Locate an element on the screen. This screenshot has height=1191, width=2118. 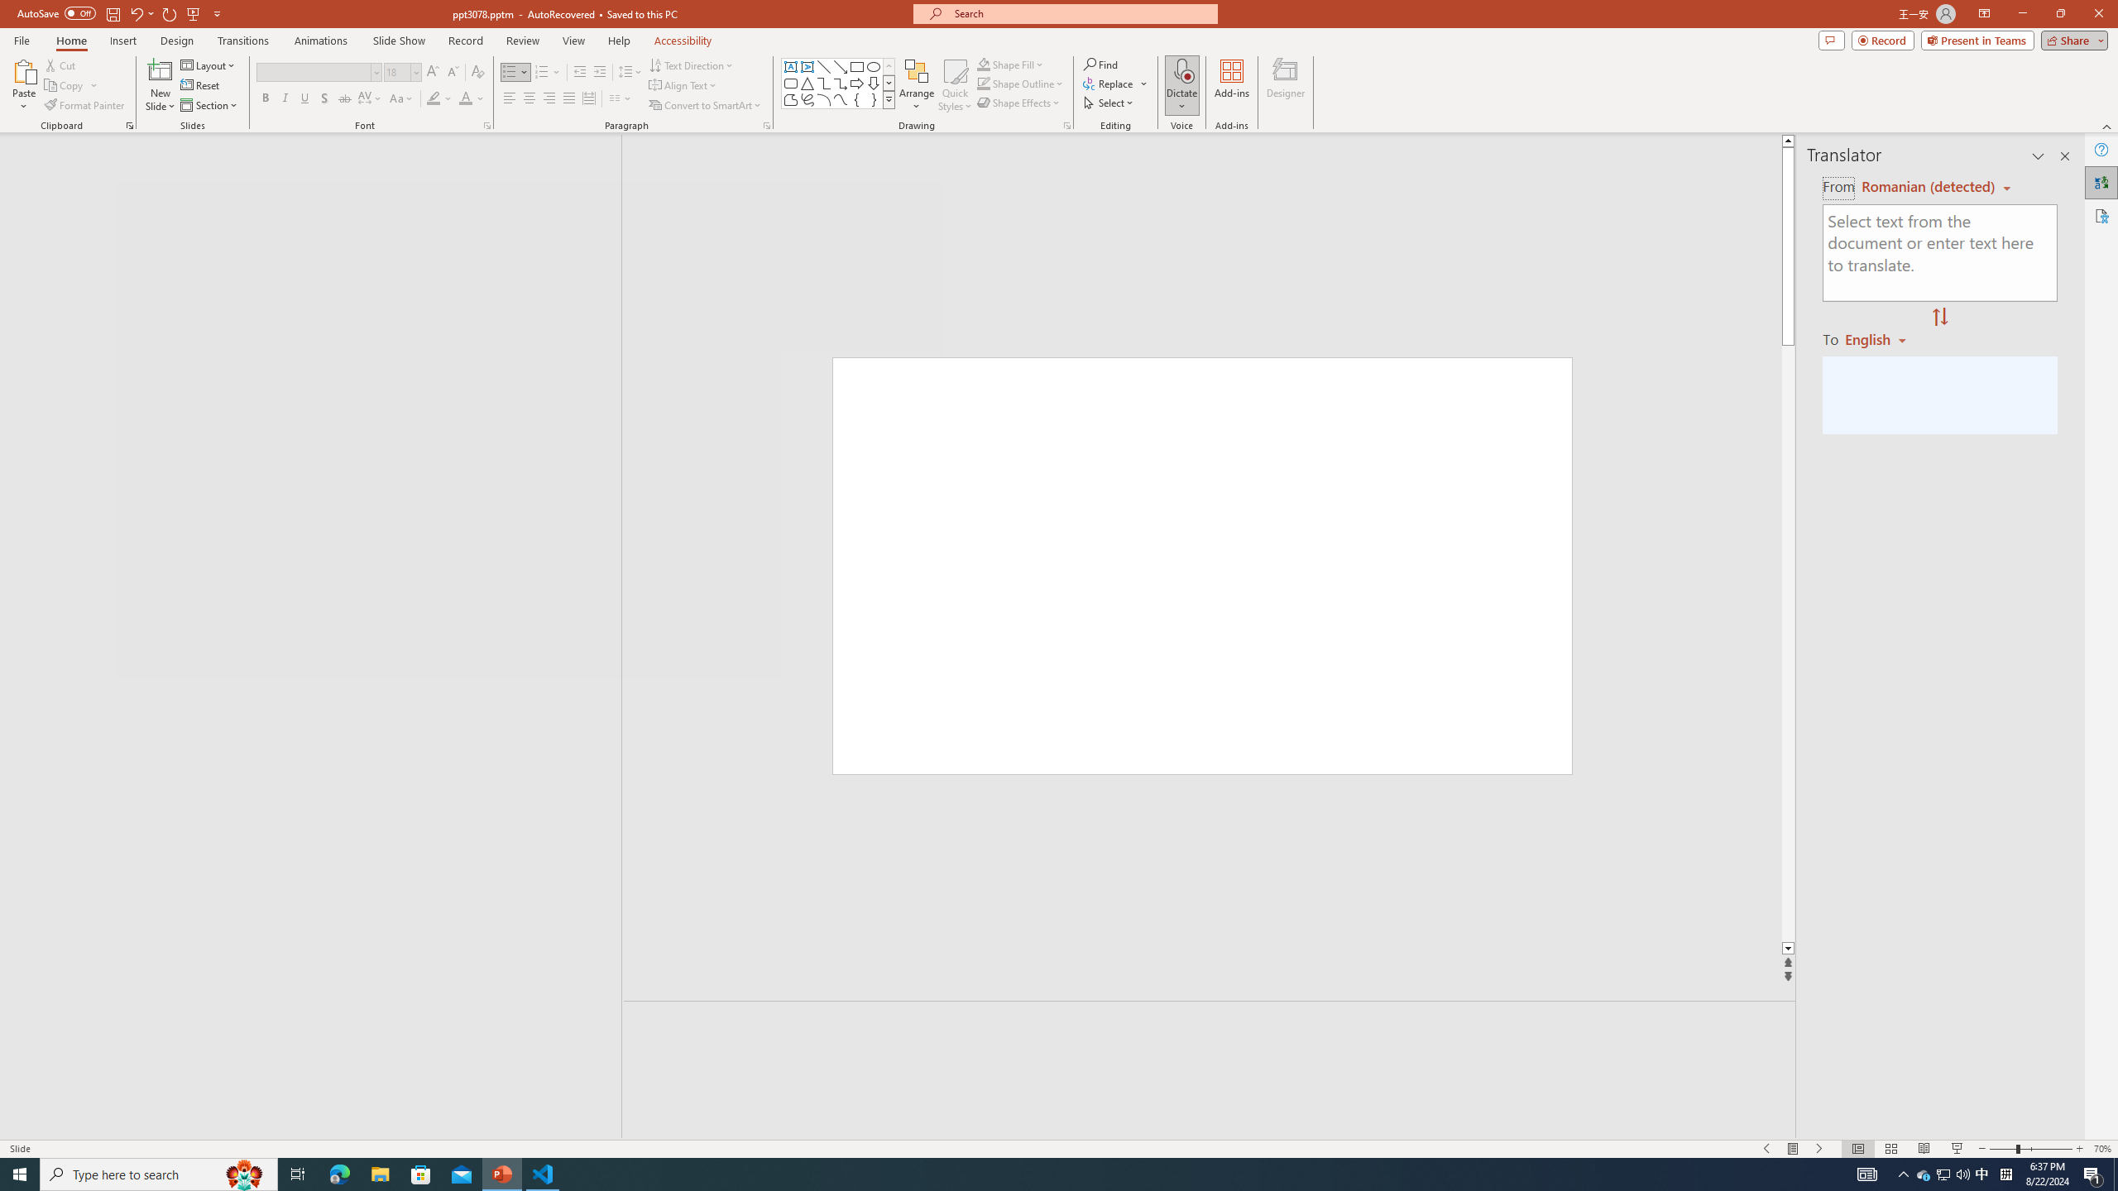
'Numbering' is located at coordinates (549, 72).